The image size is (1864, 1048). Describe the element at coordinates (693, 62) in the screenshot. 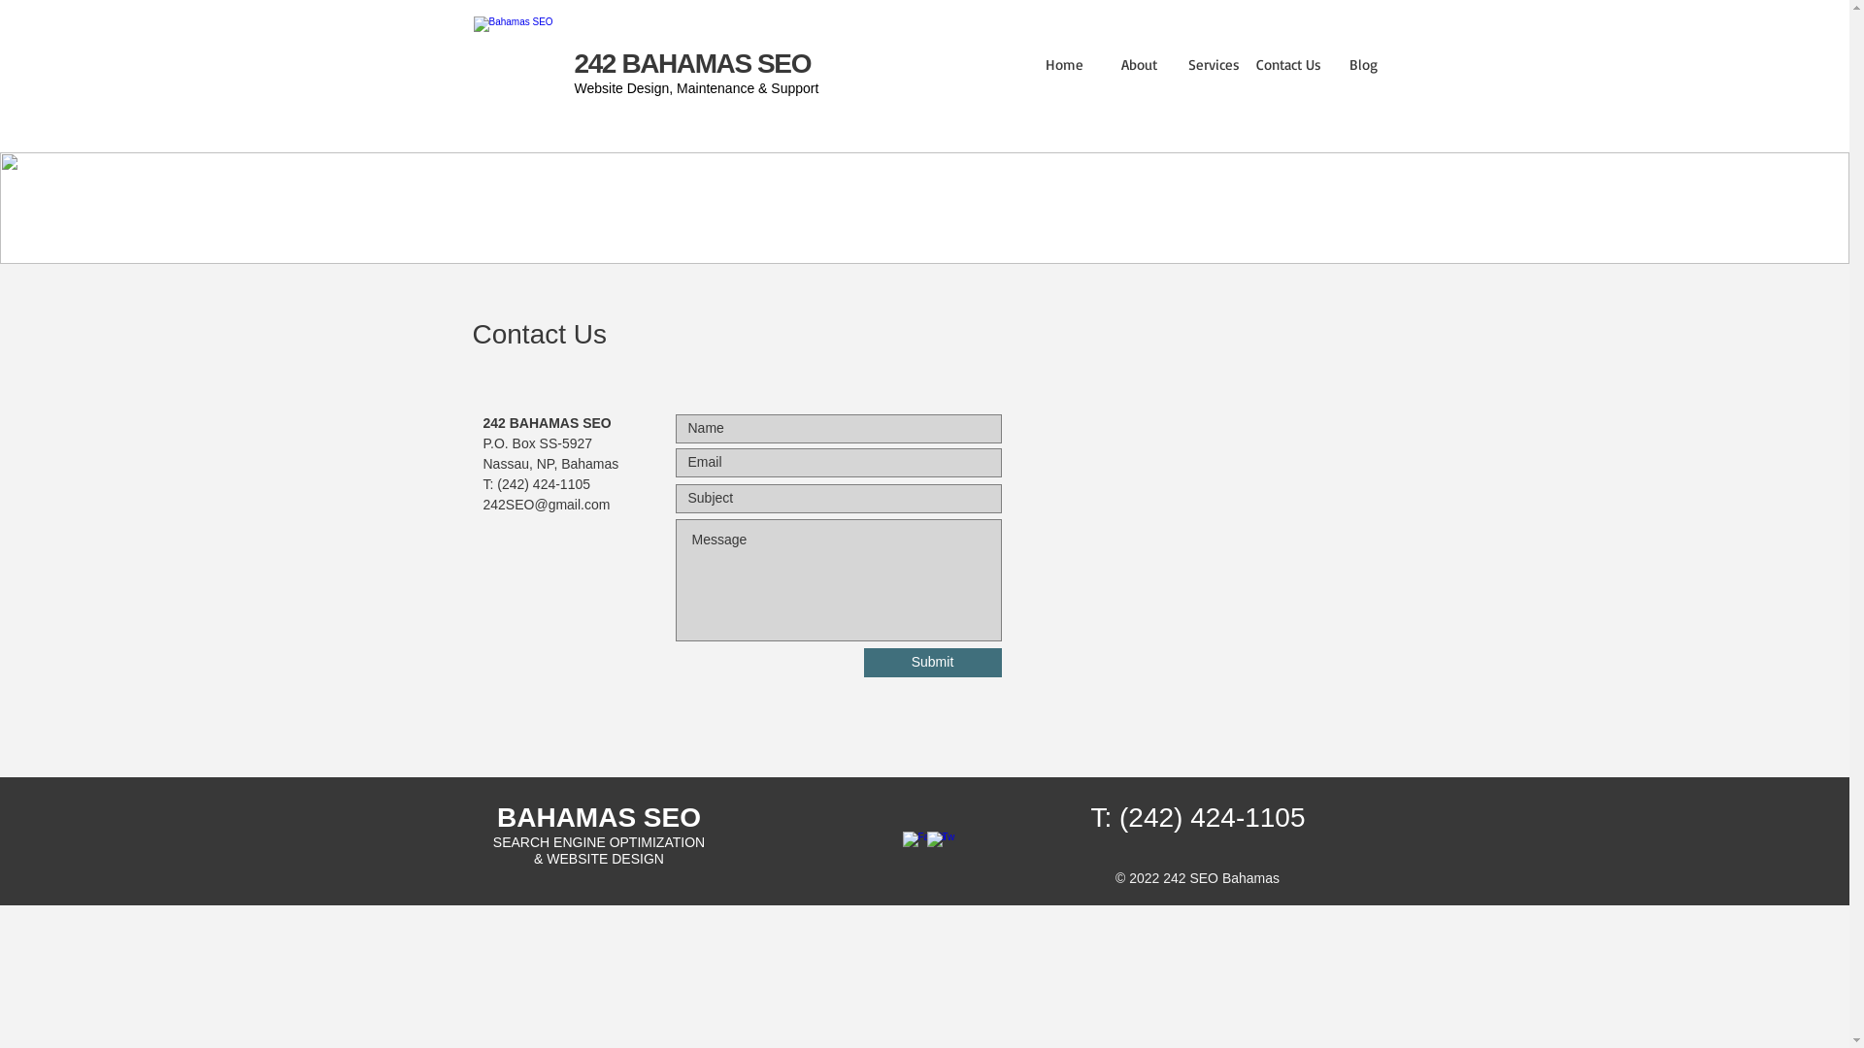

I see `'242 BAHAMAS SEO'` at that location.